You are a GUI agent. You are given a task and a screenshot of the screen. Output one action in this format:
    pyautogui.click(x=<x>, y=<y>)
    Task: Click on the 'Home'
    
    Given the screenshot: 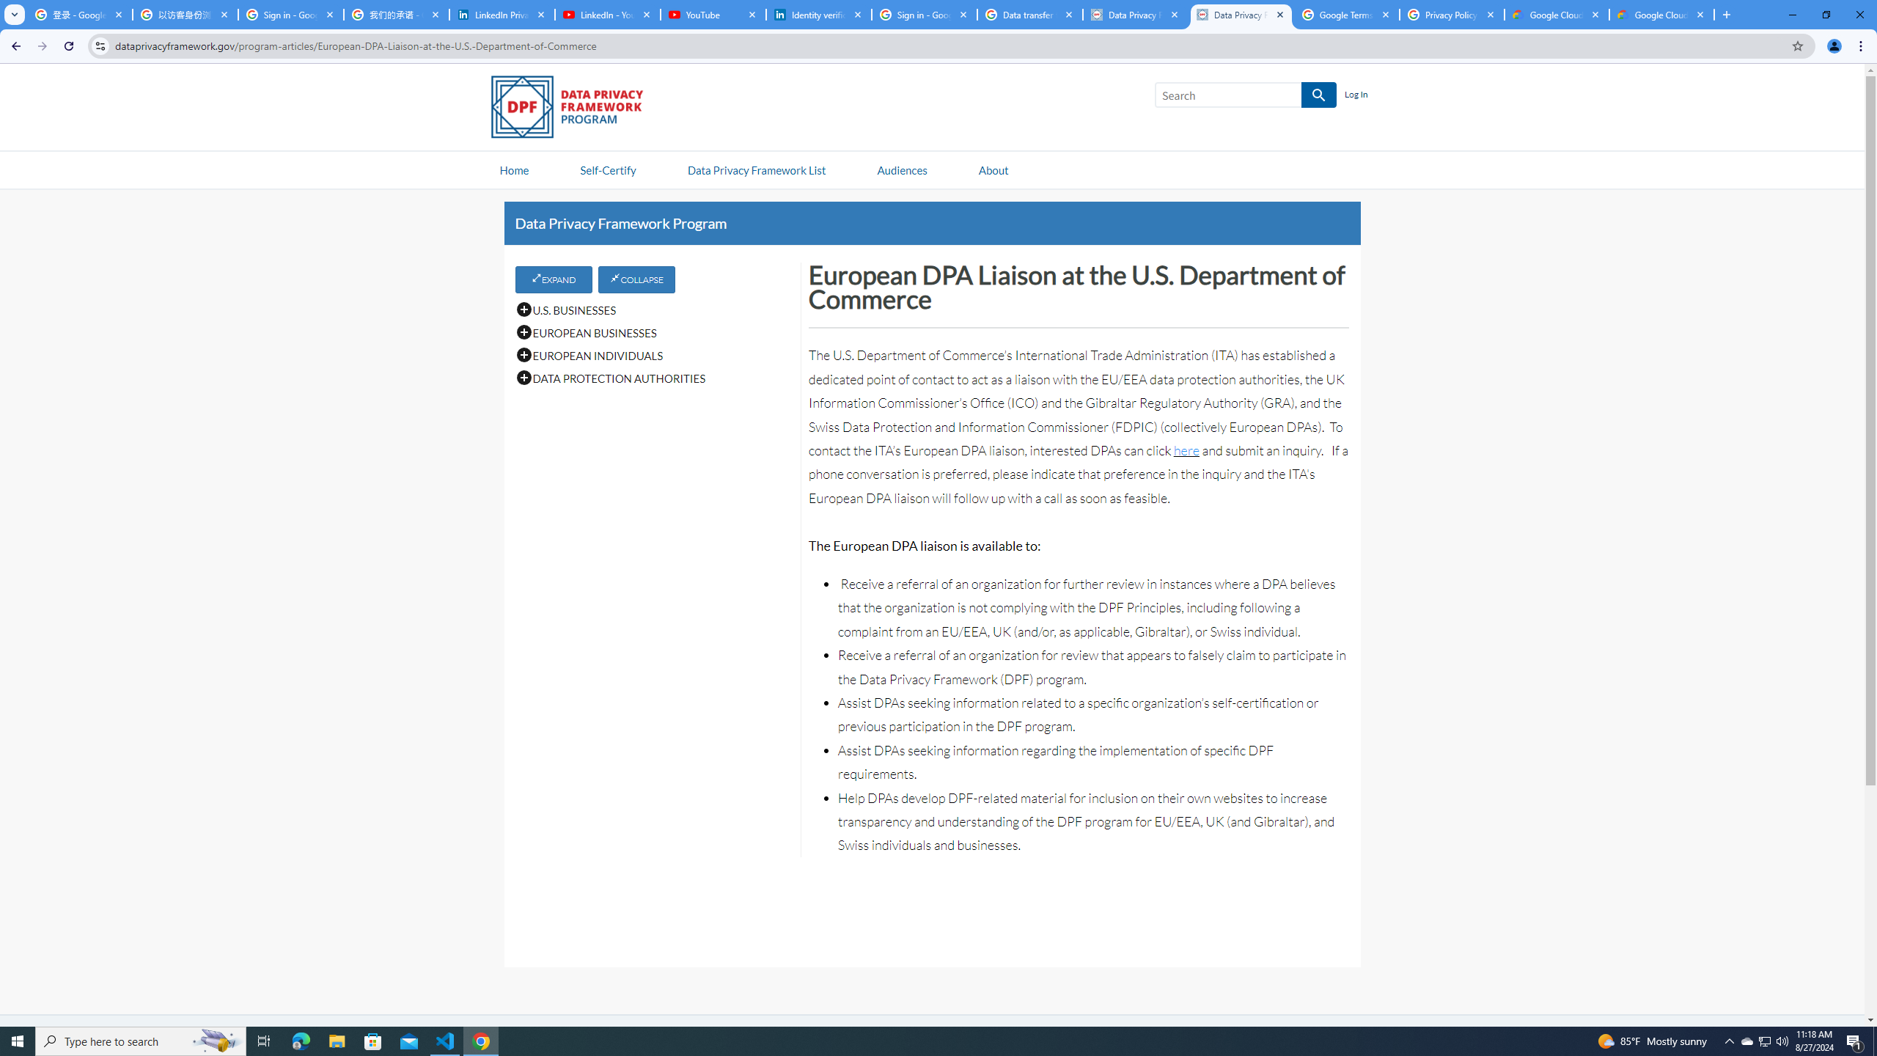 What is the action you would take?
    pyautogui.click(x=514, y=169)
    